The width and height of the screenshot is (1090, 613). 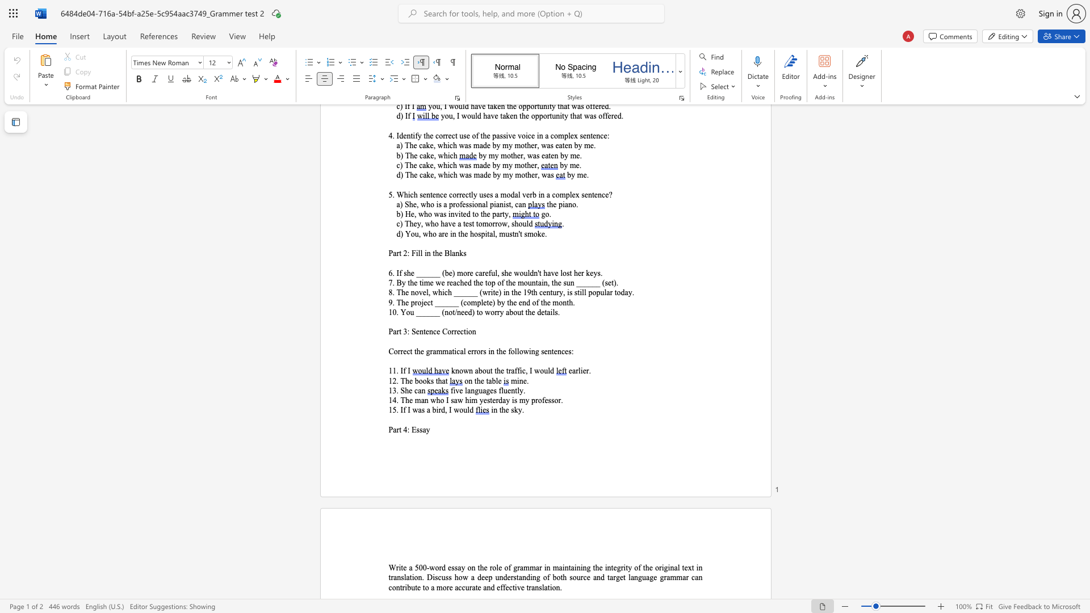 What do you see at coordinates (438, 410) in the screenshot?
I see `the subset text "rd, I" within the text "a bird, I would"` at bounding box center [438, 410].